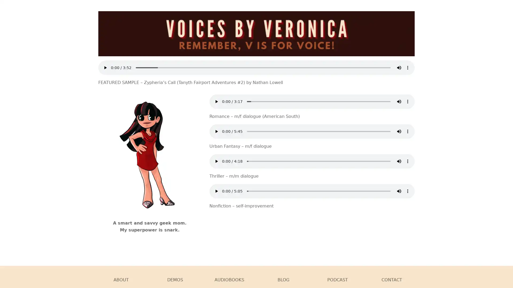  Describe the element at coordinates (407, 161) in the screenshot. I see `show more media controls` at that location.